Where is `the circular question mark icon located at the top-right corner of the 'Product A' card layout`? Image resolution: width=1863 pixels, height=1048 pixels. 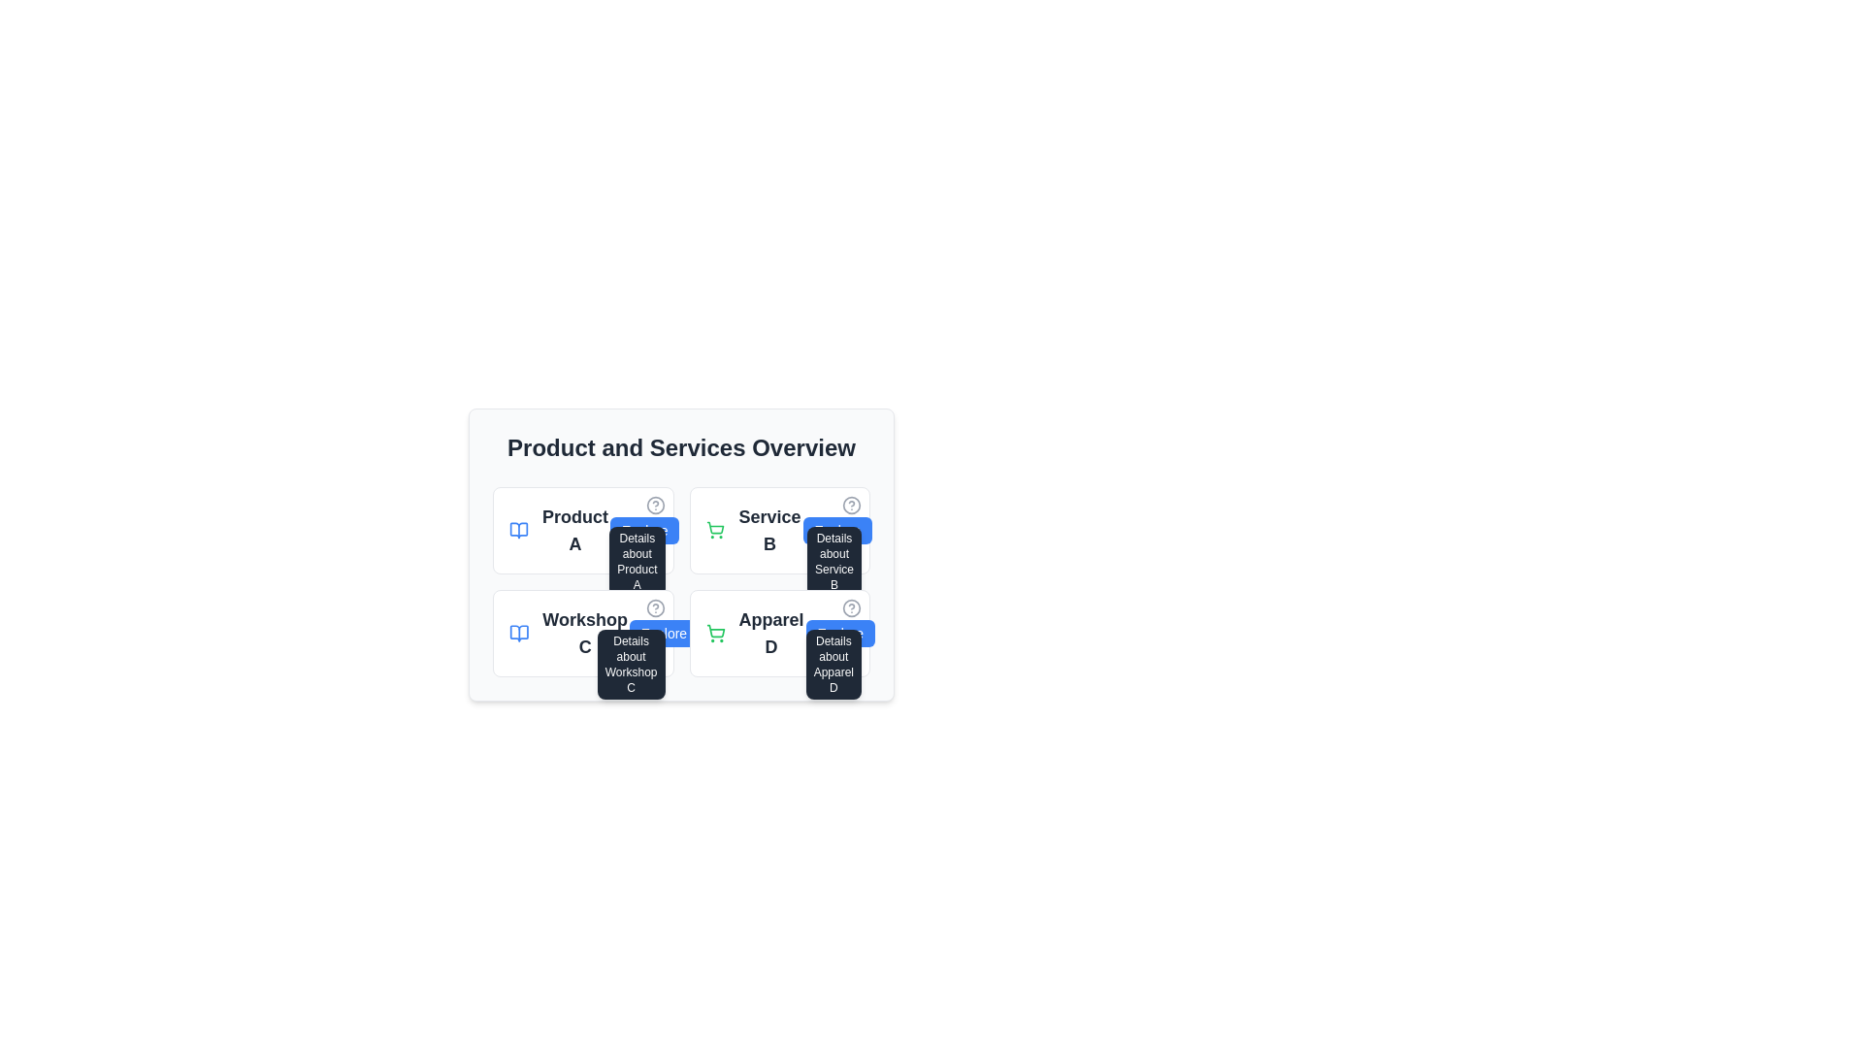 the circular question mark icon located at the top-right corner of the 'Product A' card layout is located at coordinates (655, 504).